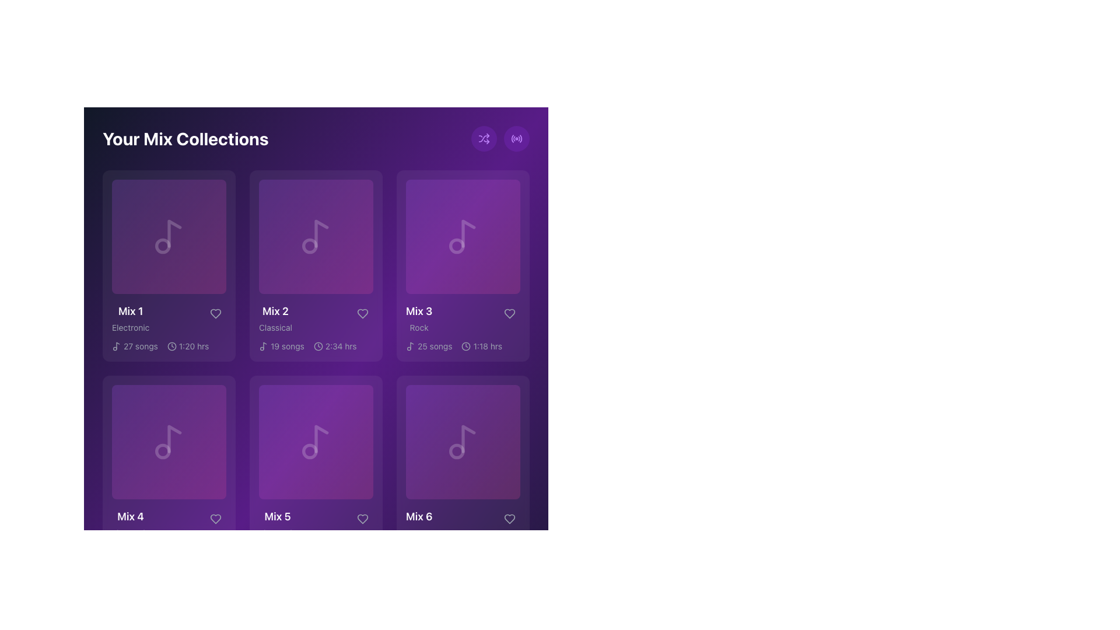  I want to click on the heart icon button with an outlined design located in the top-right region of the 'Mix 2' card, so click(362, 313).